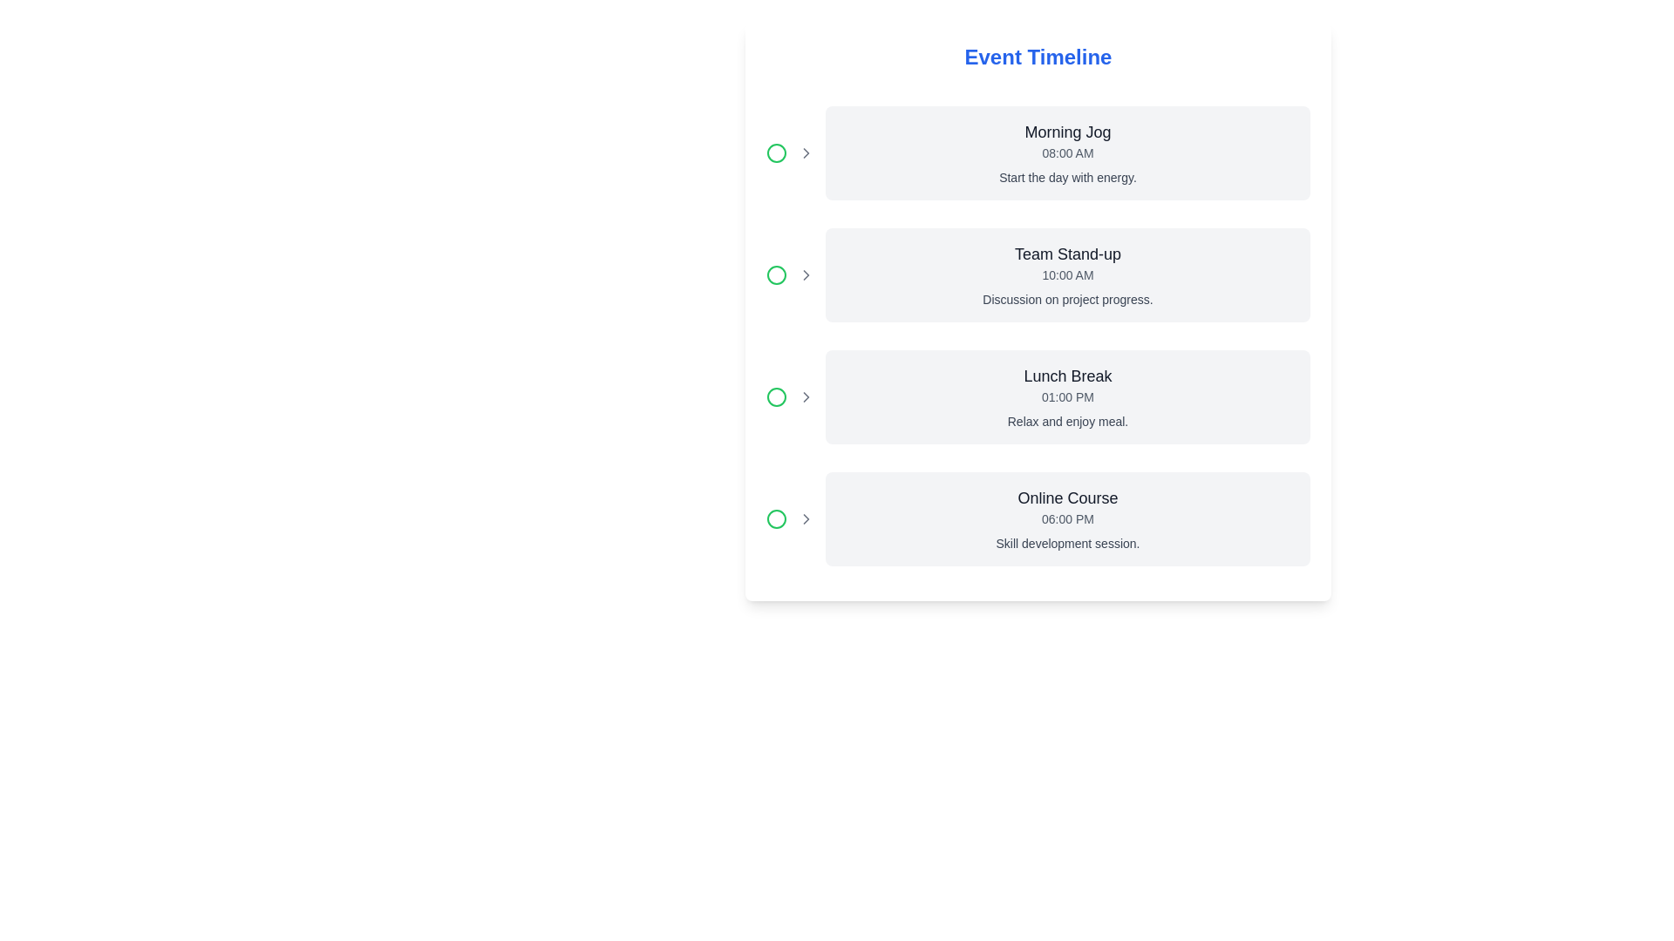 Image resolution: width=1674 pixels, height=941 pixels. What do you see at coordinates (806, 274) in the screenshot?
I see `the chevron arrow icon, which is a part of the SVG element indicating navigation for the timeline event 'Team Stand-up'` at bounding box center [806, 274].